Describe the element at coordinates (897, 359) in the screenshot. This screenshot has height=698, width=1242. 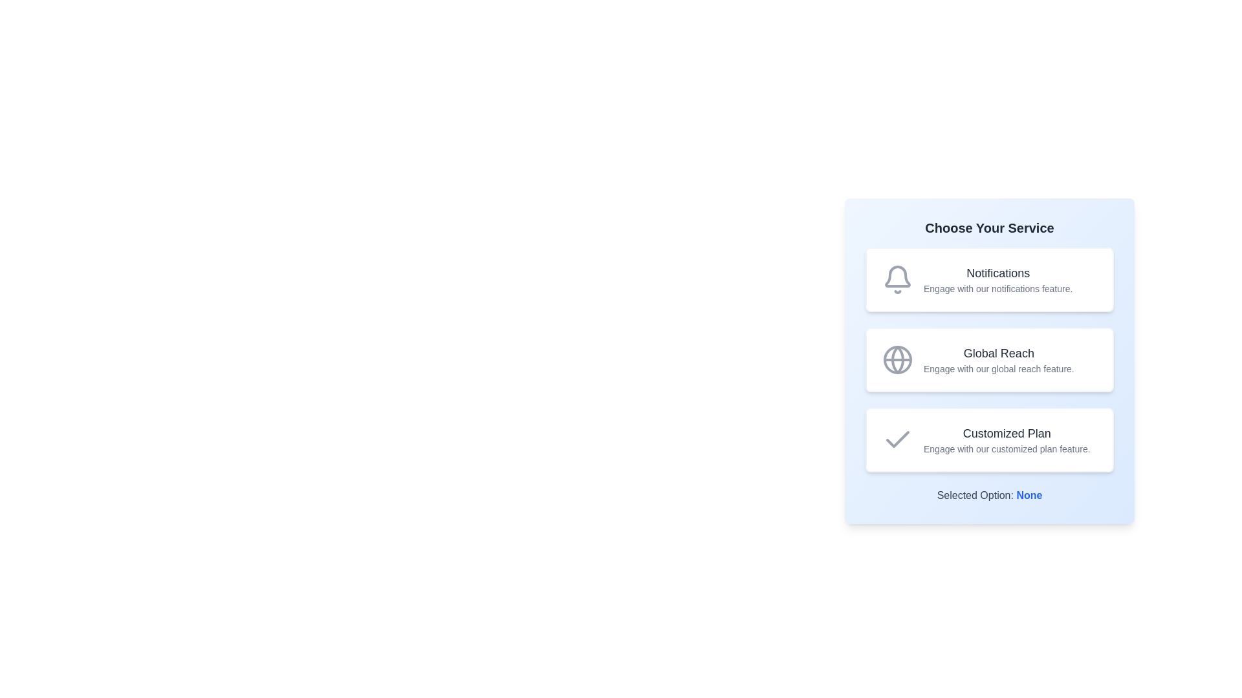
I see `the SVG graphical element that represents the geographical aspect of the 'Global Reach' service, located within the globe icon` at that location.